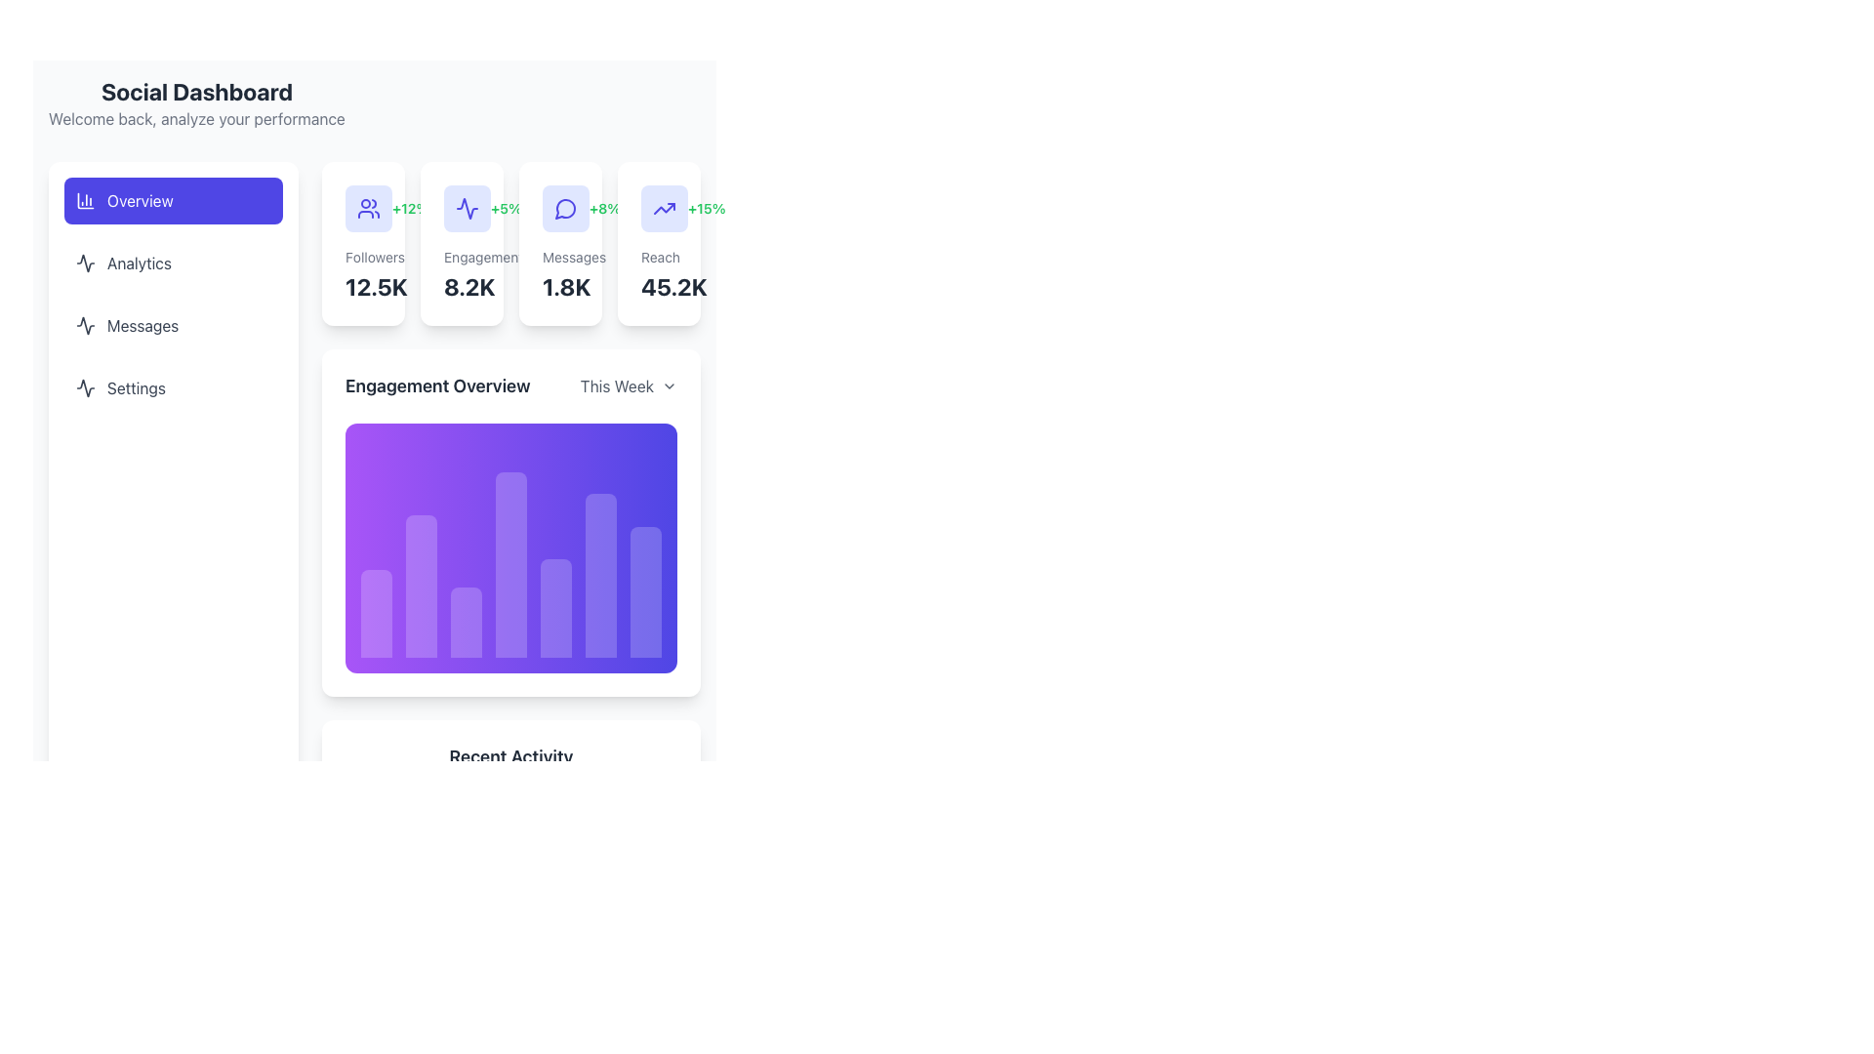  Describe the element at coordinates (421, 586) in the screenshot. I see `the second bar from the left in the 'Engagement Overview' chart, which visually represents a data value for a specific time period or category` at that location.